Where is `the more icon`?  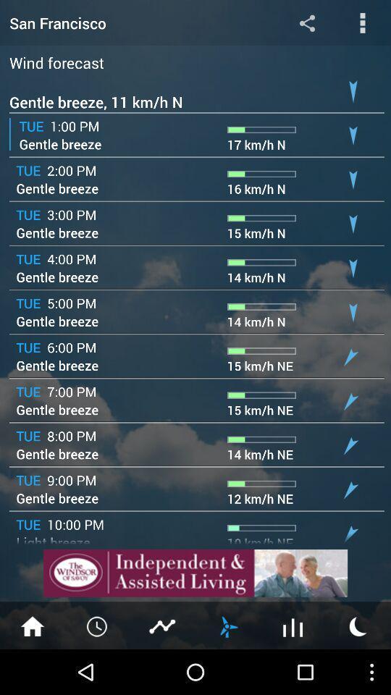
the more icon is located at coordinates (362, 24).